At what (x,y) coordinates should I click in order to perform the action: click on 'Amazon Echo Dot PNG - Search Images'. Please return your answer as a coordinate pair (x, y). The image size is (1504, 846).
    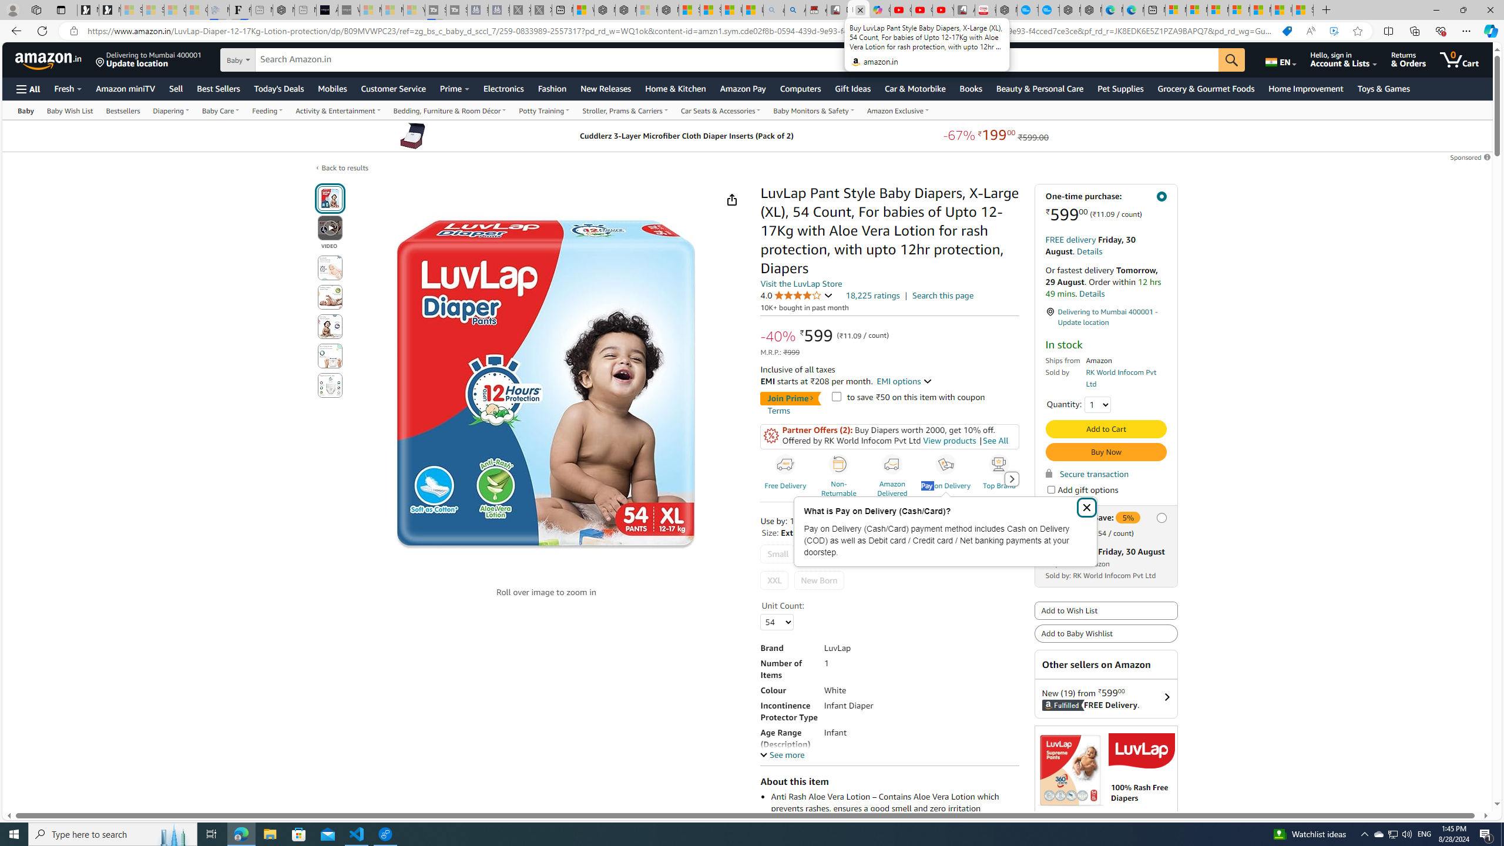
    Looking at the image, I should click on (794, 9).